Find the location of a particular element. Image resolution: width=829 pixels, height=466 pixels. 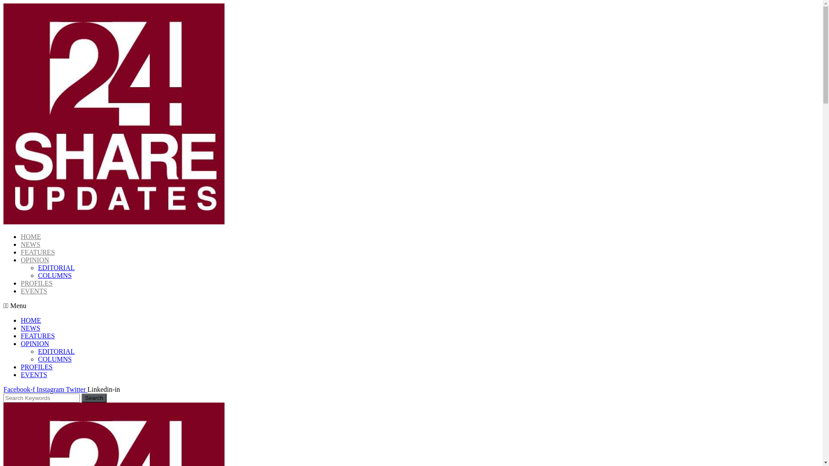

'Twitter' is located at coordinates (76, 389).